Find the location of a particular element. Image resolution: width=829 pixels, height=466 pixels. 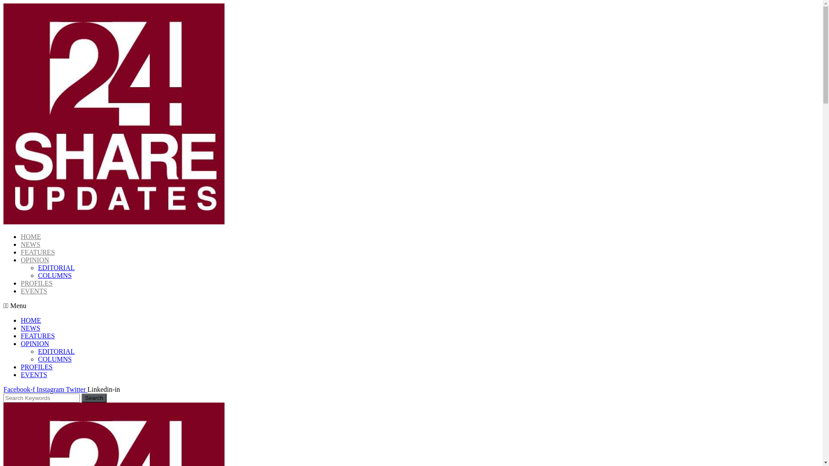

'Twitter' is located at coordinates (76, 389).